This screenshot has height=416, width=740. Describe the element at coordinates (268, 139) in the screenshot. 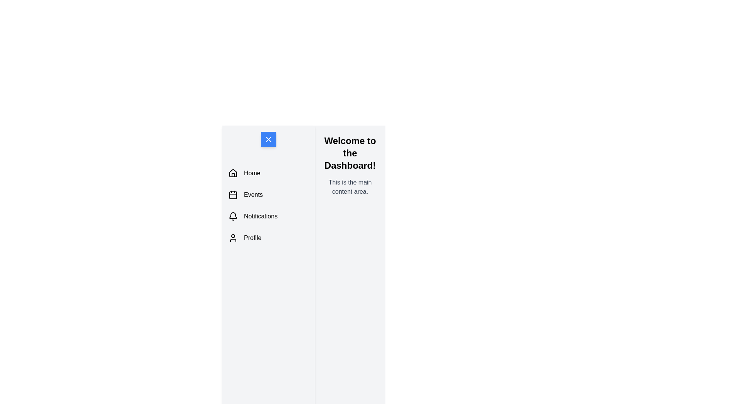

I see `the close or dismiss icon located within the blue rectangular button at the top of the left sidebar` at that location.